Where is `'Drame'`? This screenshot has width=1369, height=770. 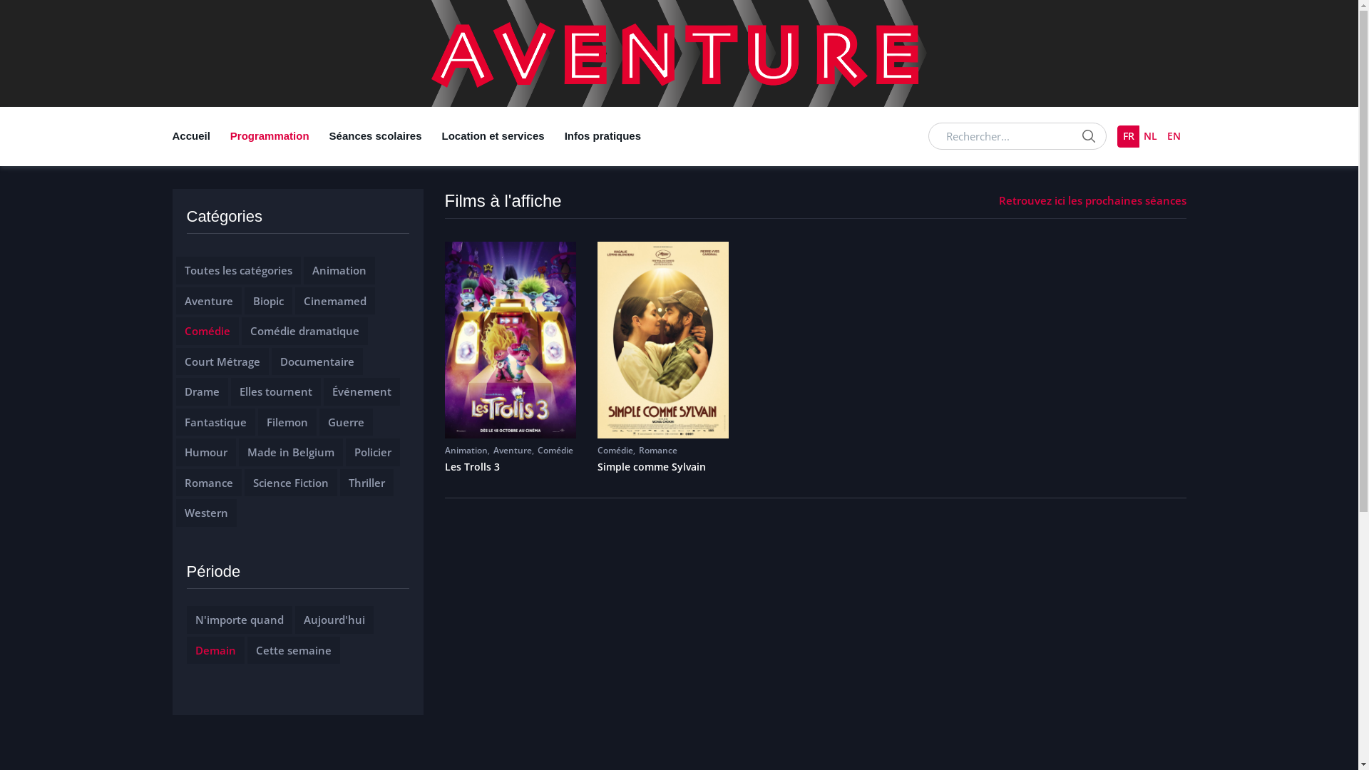
'Drame' is located at coordinates (200, 391).